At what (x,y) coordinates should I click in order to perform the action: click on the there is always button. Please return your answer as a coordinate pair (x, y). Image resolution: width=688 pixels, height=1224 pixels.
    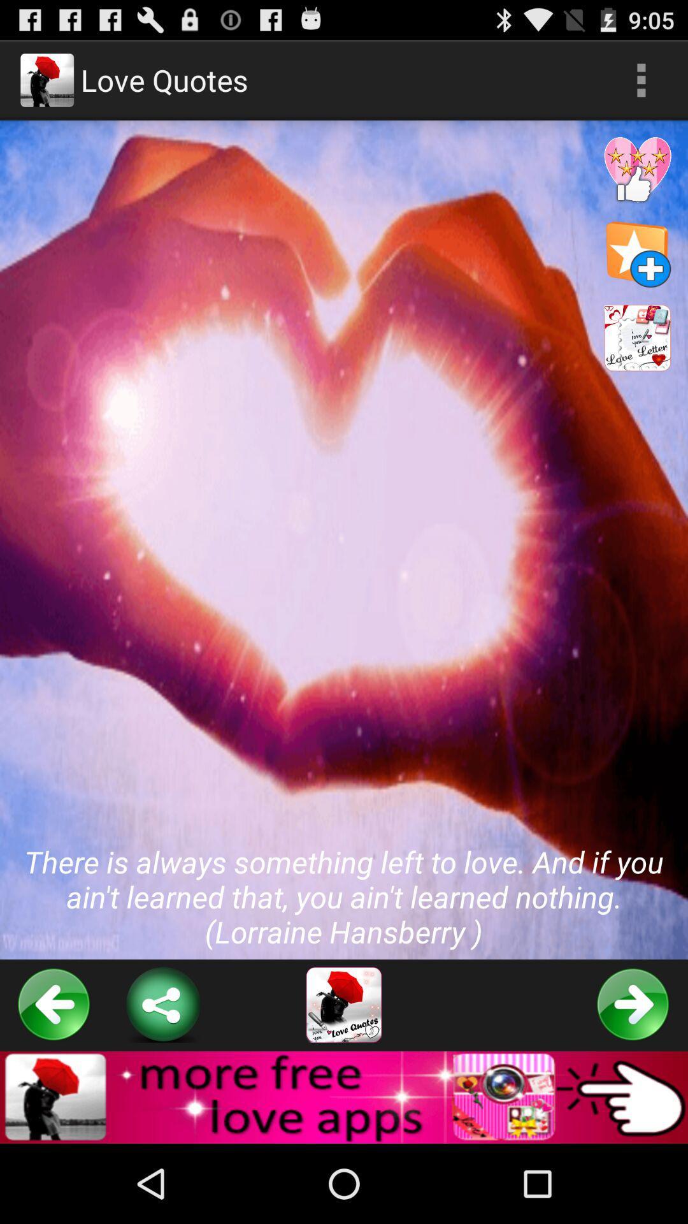
    Looking at the image, I should click on (344, 540).